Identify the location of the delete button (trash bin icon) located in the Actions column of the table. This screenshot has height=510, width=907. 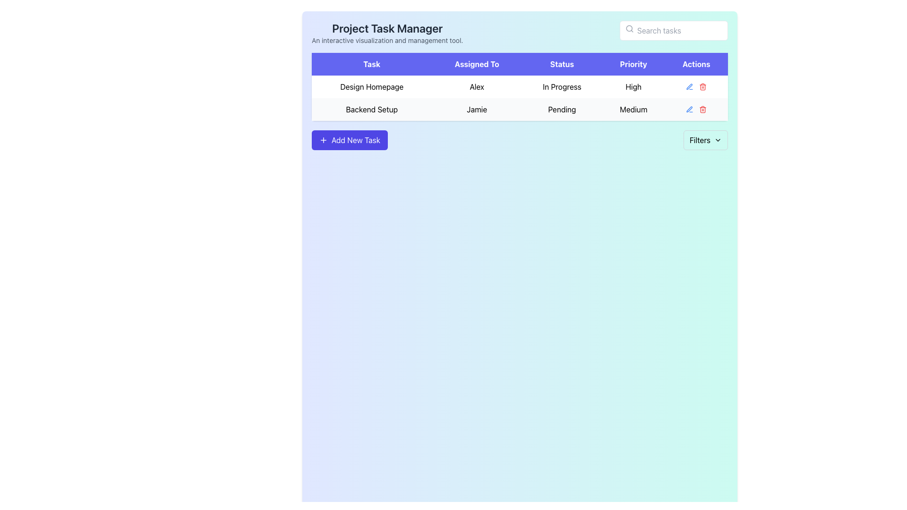
(703, 87).